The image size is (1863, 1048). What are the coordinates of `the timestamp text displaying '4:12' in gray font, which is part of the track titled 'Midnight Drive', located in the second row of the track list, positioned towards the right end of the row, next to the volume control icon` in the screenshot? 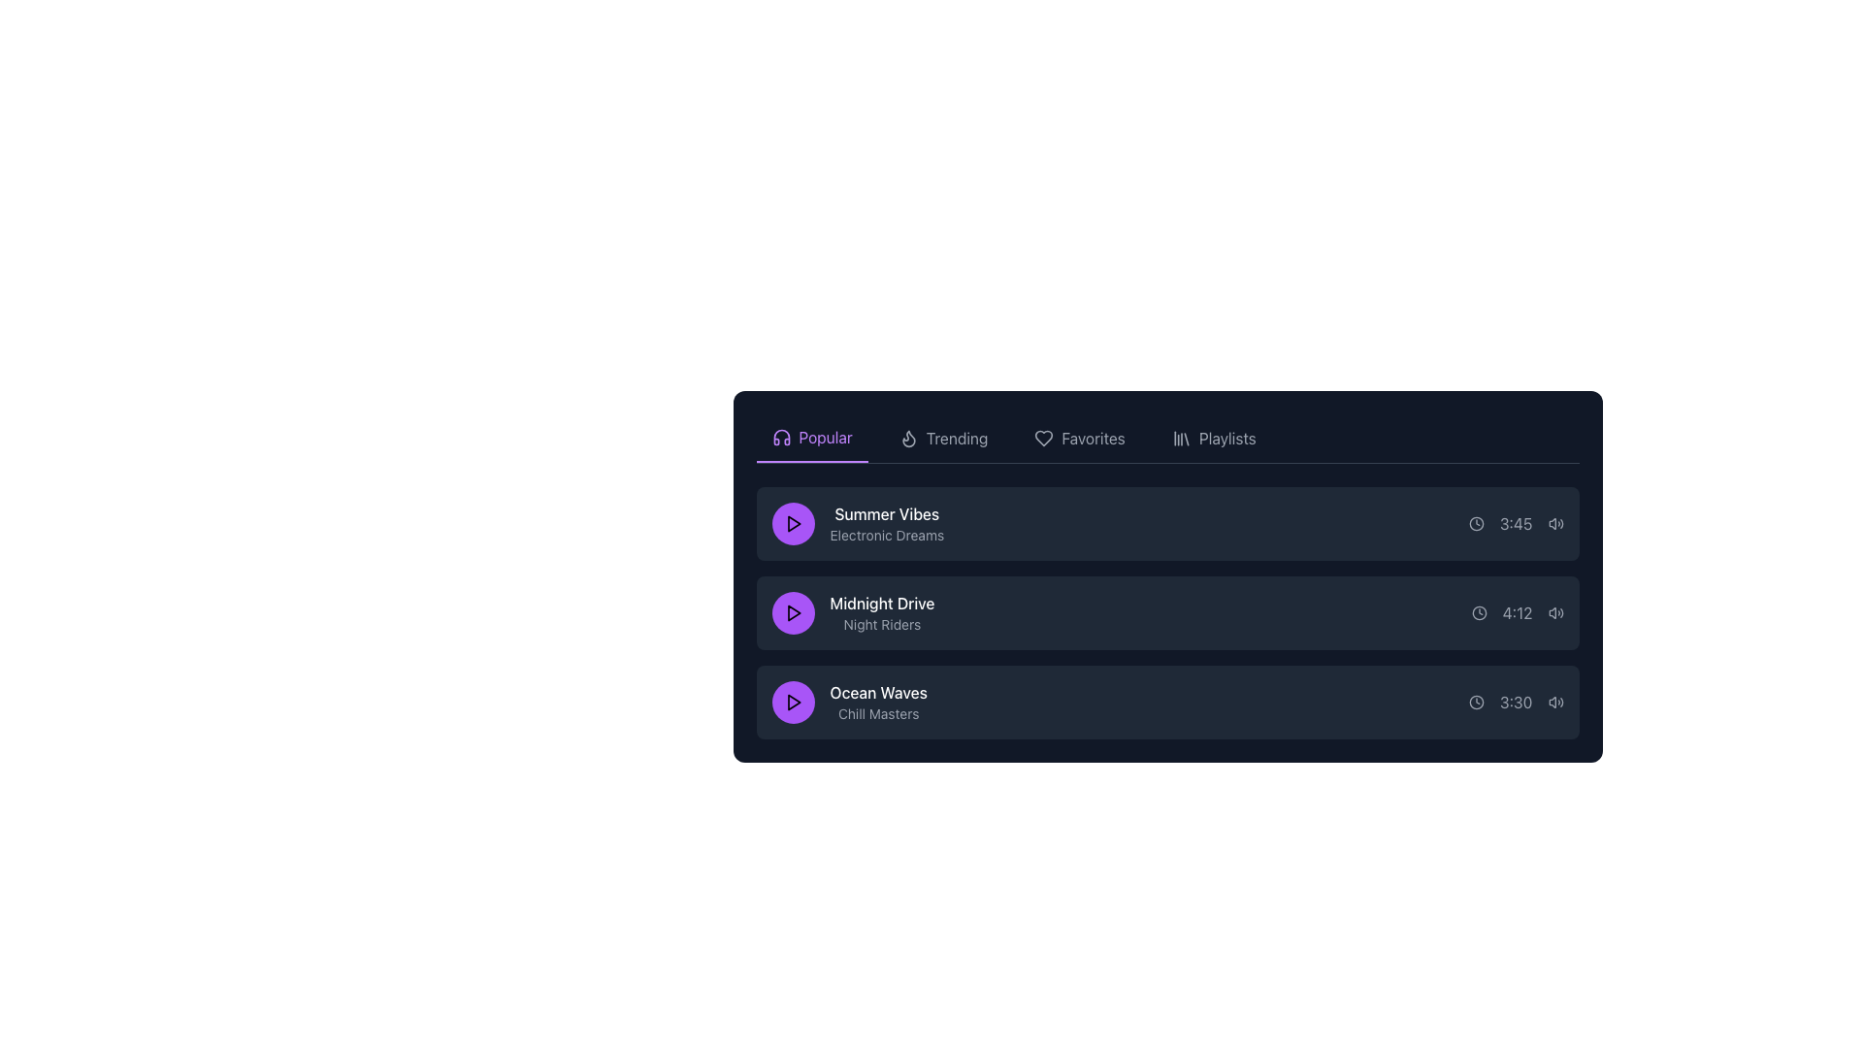 It's located at (1517, 613).